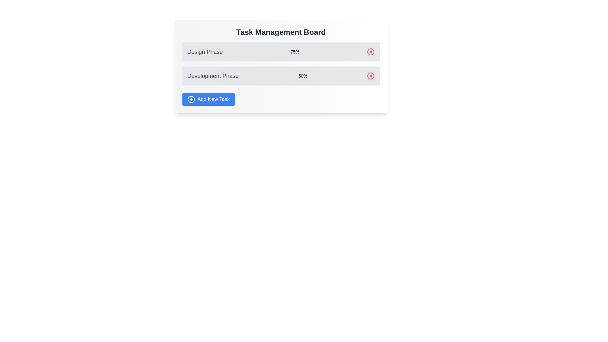 Image resolution: width=608 pixels, height=342 pixels. I want to click on the Text Label displaying the completion percentage for the 'Development Phase' task, located to the right of 'Development Phase' text and left of the red delete/cancel button, so click(302, 75).